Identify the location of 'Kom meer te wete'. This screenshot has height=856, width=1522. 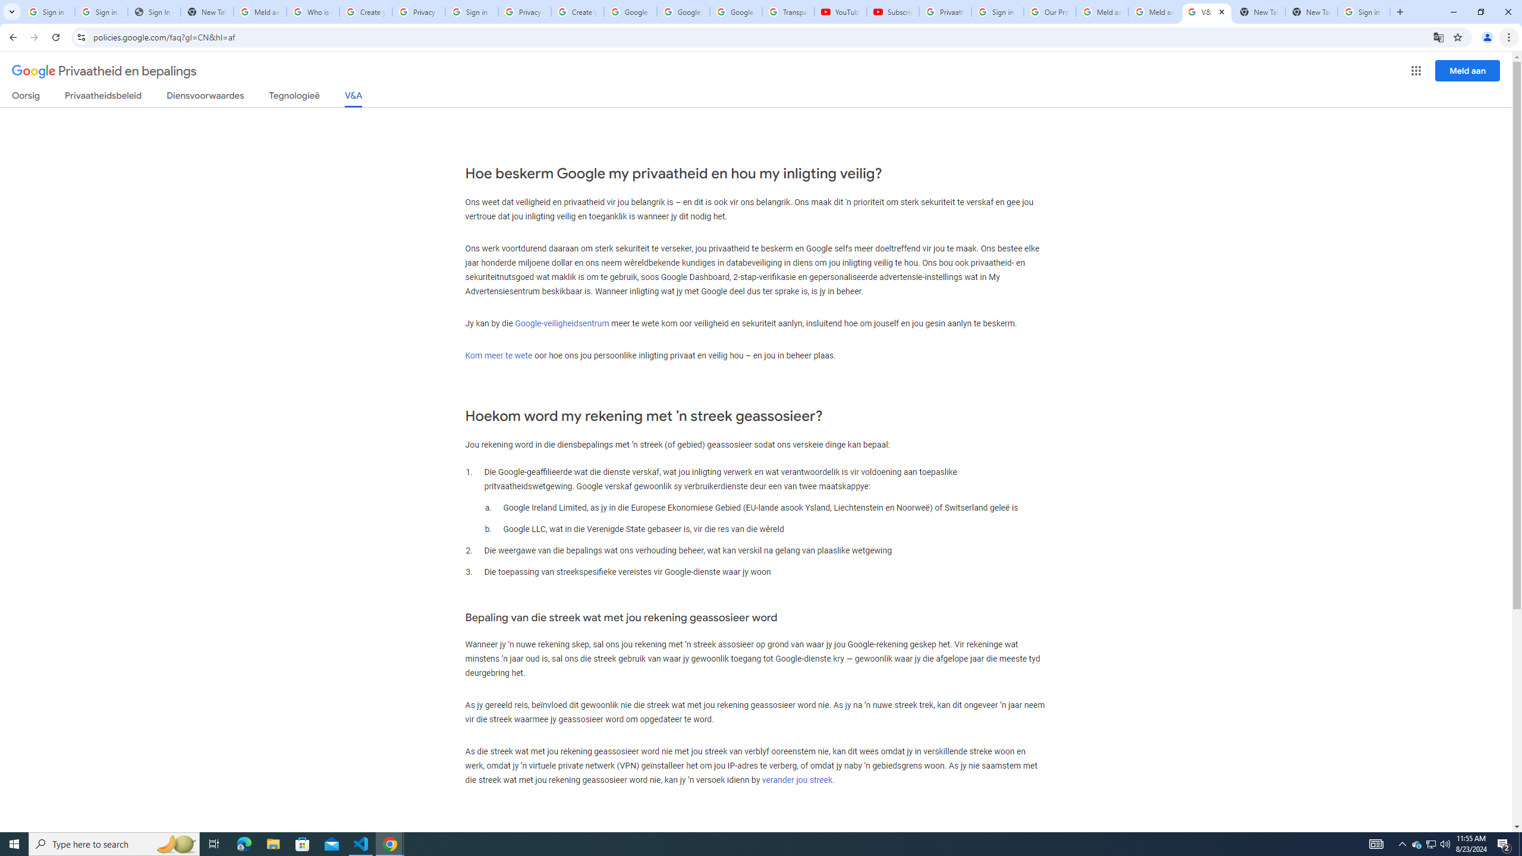
(498, 355).